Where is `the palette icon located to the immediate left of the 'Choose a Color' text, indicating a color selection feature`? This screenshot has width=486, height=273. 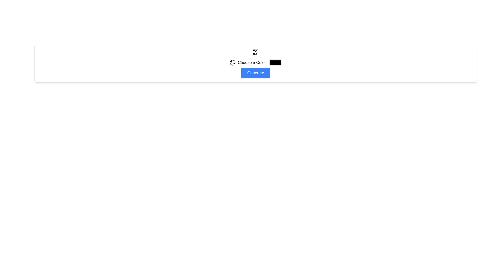 the palette icon located to the immediate left of the 'Choose a Color' text, indicating a color selection feature is located at coordinates (232, 62).